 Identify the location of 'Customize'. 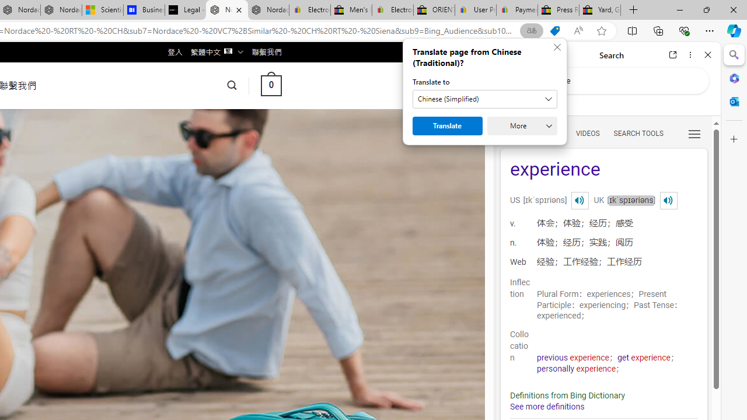
(734, 139).